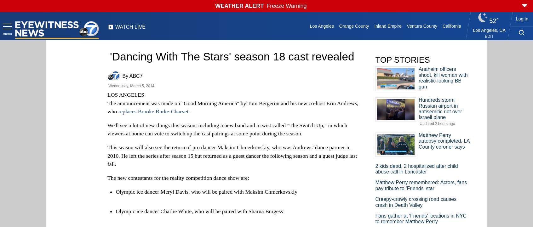 Image resolution: width=533 pixels, height=227 pixels. What do you see at coordinates (125, 94) in the screenshot?
I see `'LOS ANGELES'` at bounding box center [125, 94].